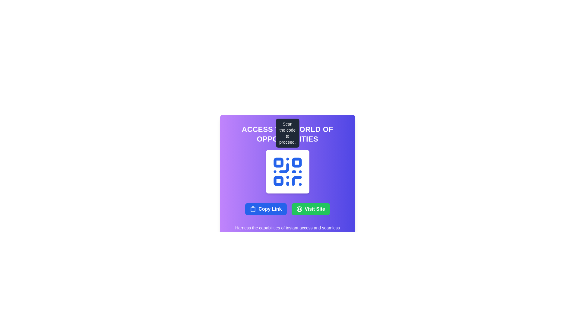  What do you see at coordinates (278, 162) in the screenshot?
I see `the small blue square block with rounded corners located in the top-left corner of the QR code graphic` at bounding box center [278, 162].